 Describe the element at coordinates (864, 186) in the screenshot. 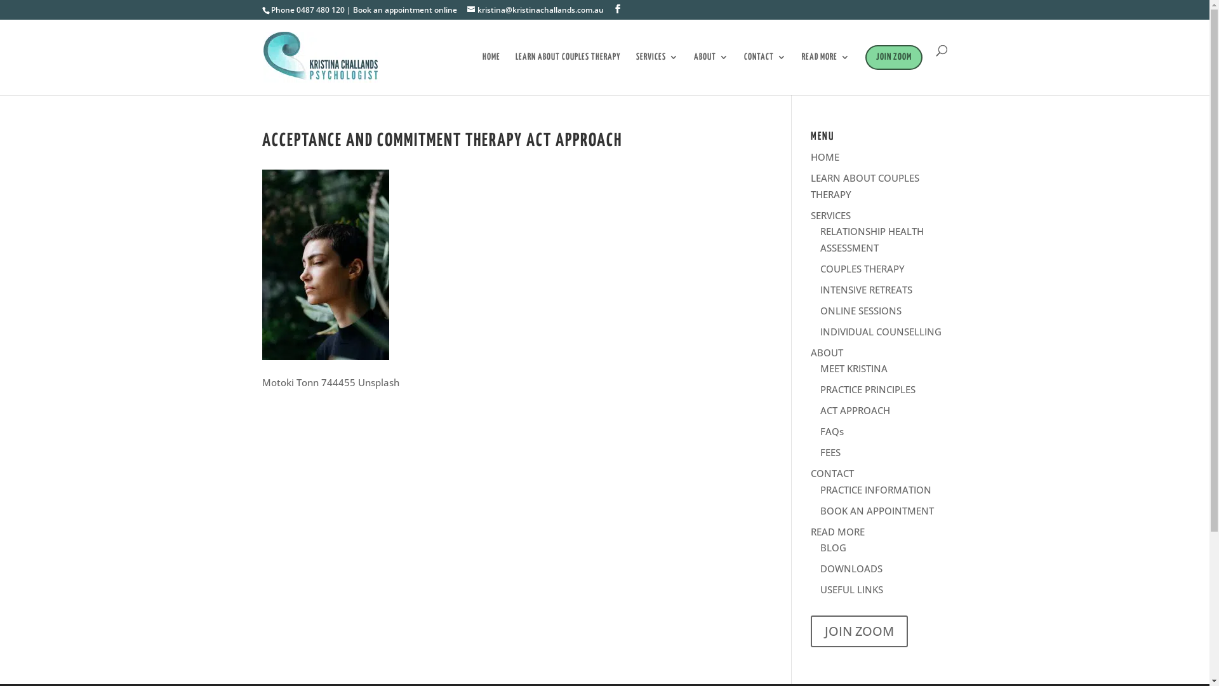

I see `'LEARN ABOUT COUPLES THERAPY'` at that location.